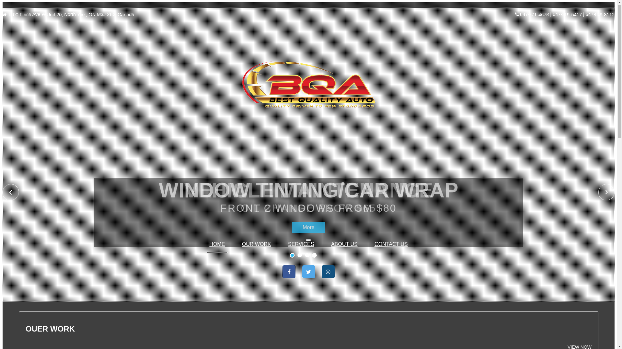 The height and width of the screenshot is (349, 622). What do you see at coordinates (308, 240) in the screenshot?
I see `'Toggle navigation'` at bounding box center [308, 240].